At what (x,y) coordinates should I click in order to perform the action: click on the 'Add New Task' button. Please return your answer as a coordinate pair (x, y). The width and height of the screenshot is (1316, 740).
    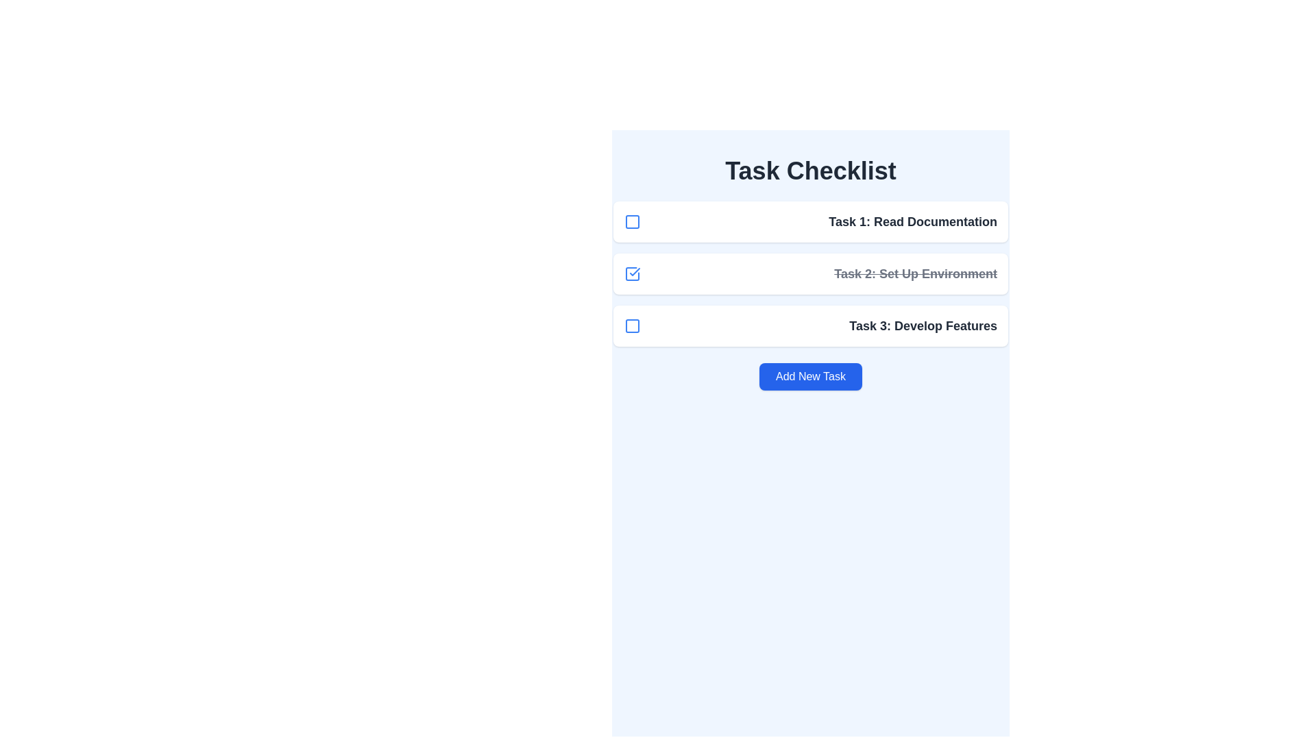
    Looking at the image, I should click on (810, 377).